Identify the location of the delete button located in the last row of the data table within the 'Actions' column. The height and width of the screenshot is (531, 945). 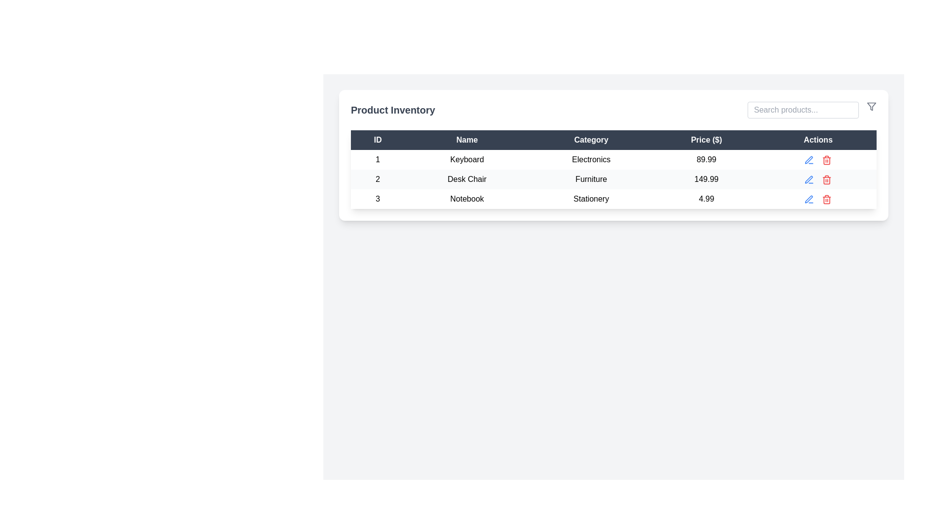
(827, 199).